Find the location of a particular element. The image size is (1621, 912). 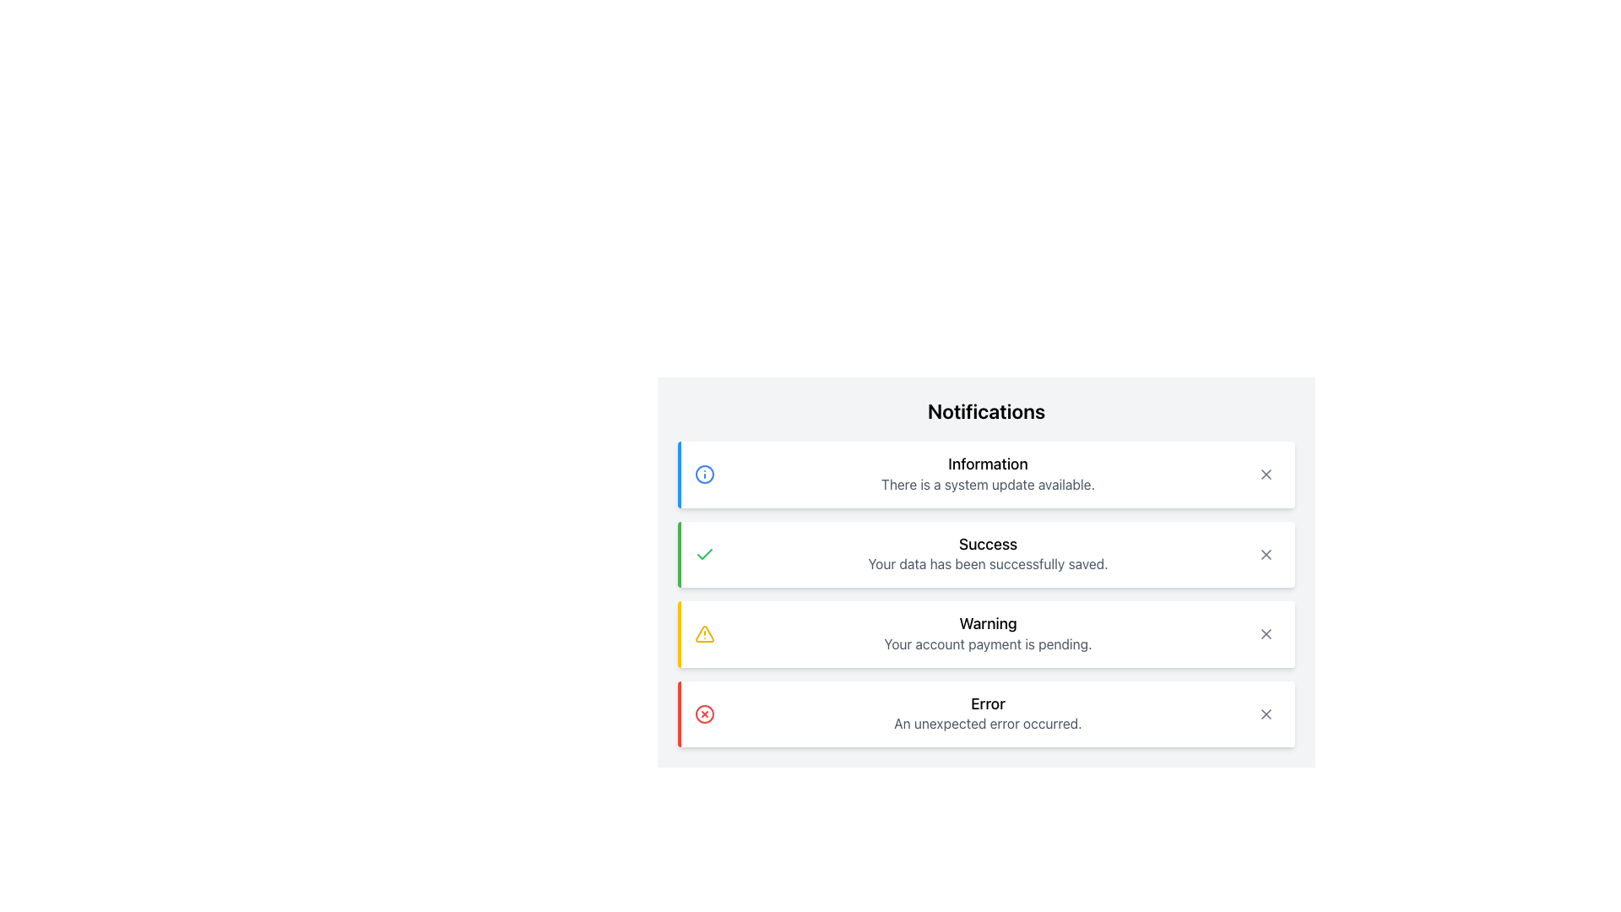

the Notification Box that has a red left border, a white background, contains a red circular icon with an 'X', and displays the title 'Error' and the message 'An unexpected error occurred.' is located at coordinates (986, 714).